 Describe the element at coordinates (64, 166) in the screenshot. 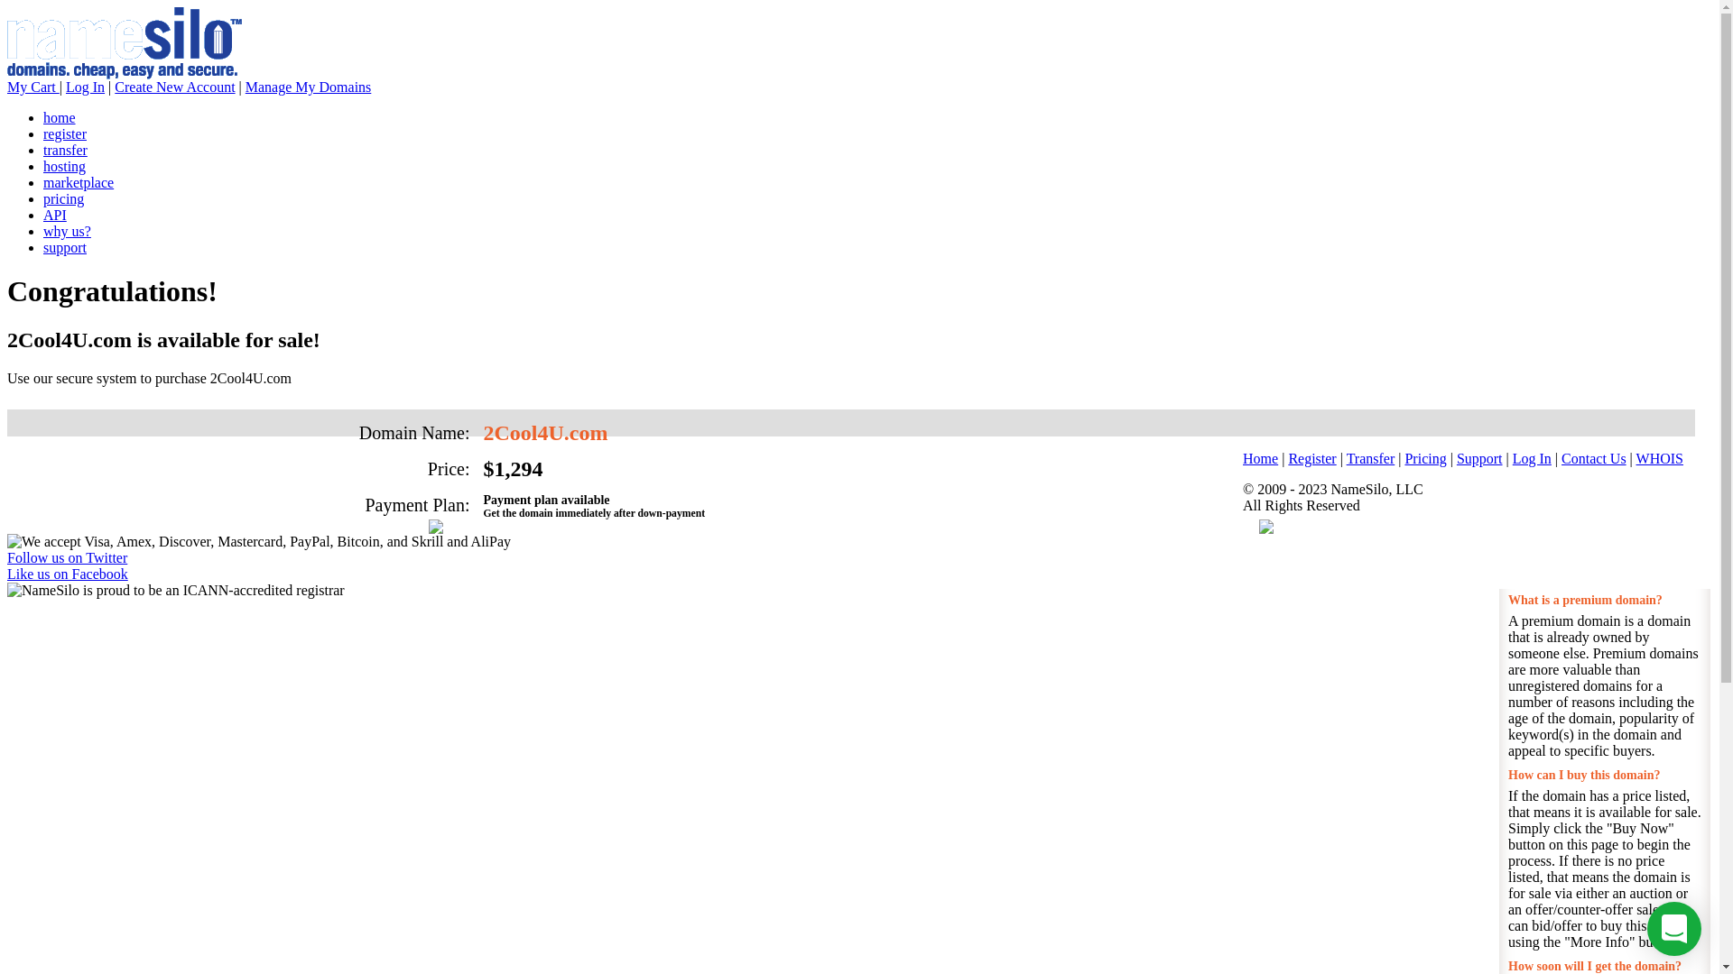

I see `'hosting'` at that location.